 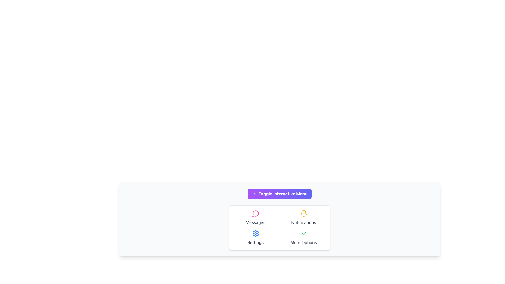 I want to click on the chevron down icon in the bottom-right portion of the interface, so click(x=304, y=233).